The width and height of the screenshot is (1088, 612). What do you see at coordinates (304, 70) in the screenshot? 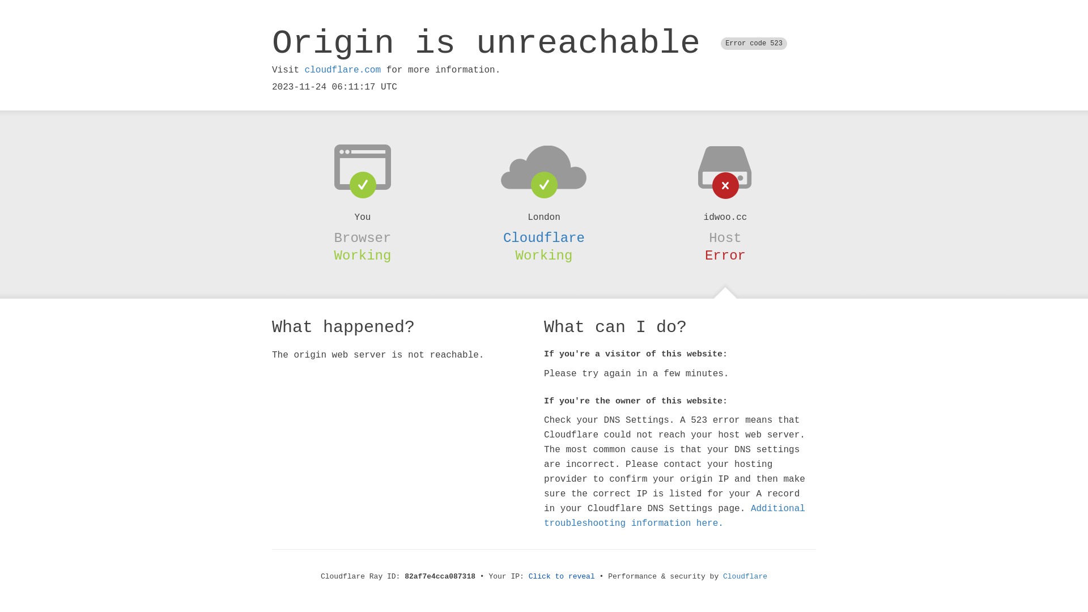
I see `'cloudflare.com'` at bounding box center [304, 70].